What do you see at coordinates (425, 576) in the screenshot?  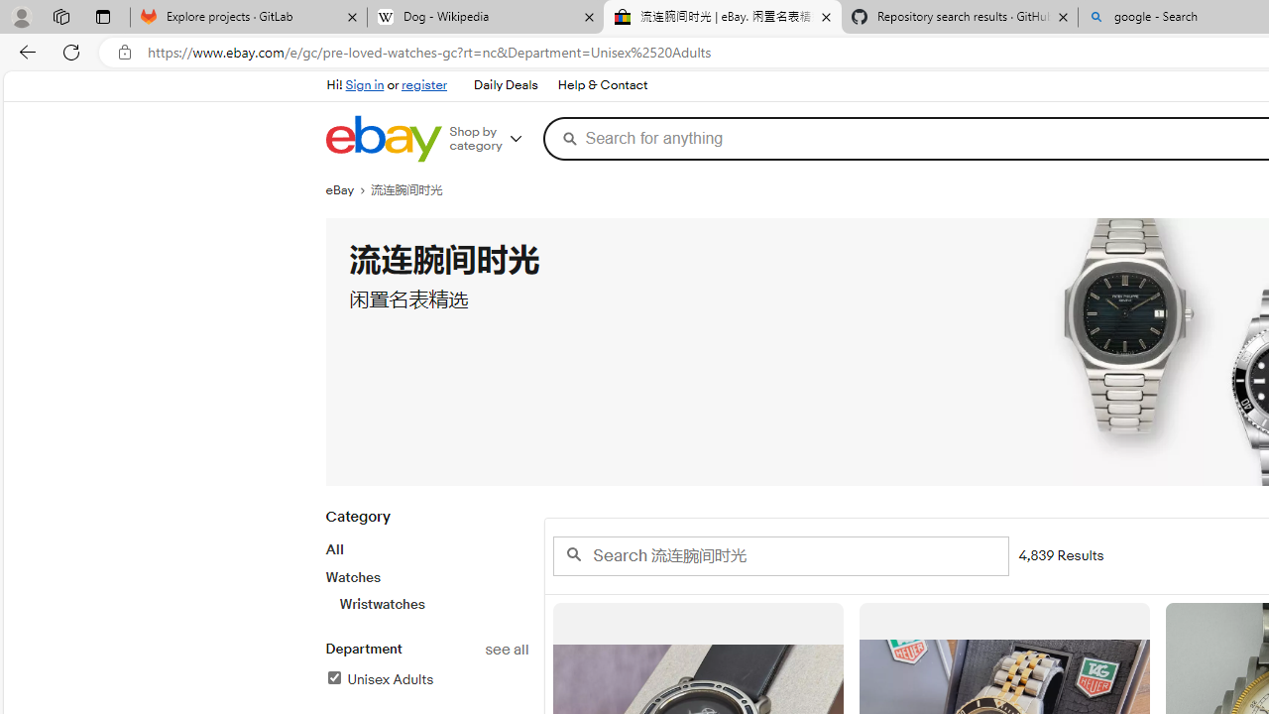 I see `'AllWatchesWristwatches'` at bounding box center [425, 576].